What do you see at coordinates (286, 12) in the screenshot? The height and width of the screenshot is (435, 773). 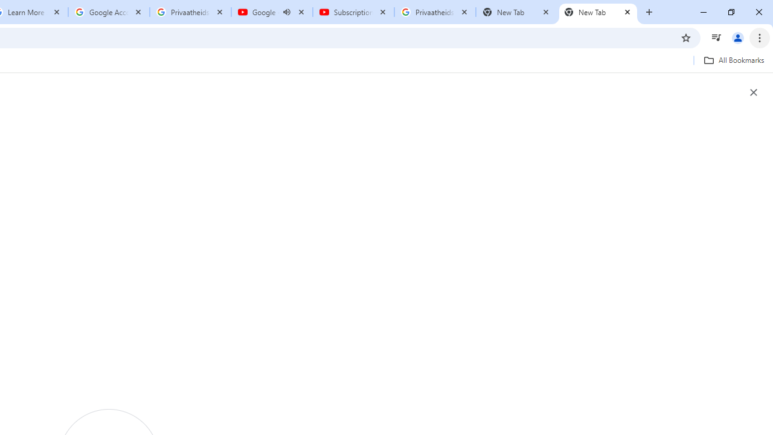 I see `'Mute tab'` at bounding box center [286, 12].